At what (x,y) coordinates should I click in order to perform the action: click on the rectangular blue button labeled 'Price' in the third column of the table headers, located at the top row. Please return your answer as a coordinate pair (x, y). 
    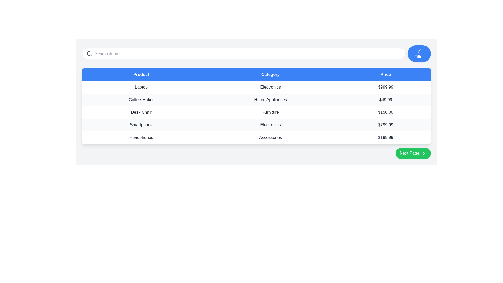
    Looking at the image, I should click on (386, 75).